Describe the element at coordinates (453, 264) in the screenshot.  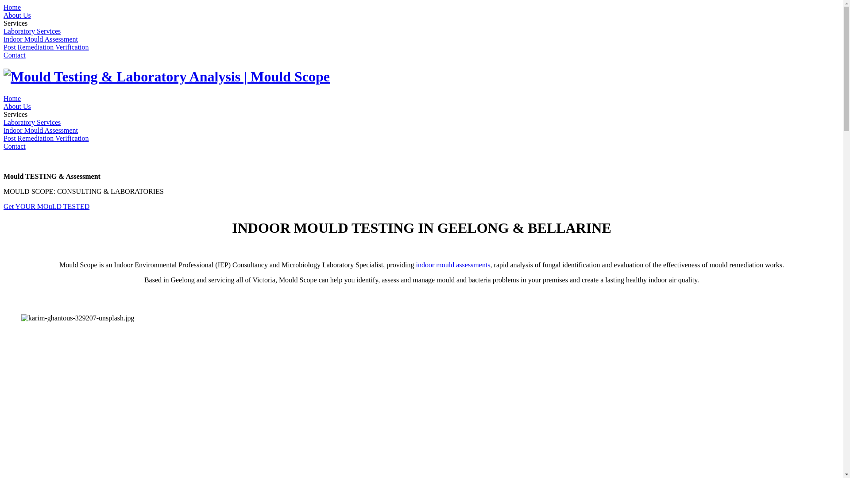
I see `'indoor mould assessments'` at that location.